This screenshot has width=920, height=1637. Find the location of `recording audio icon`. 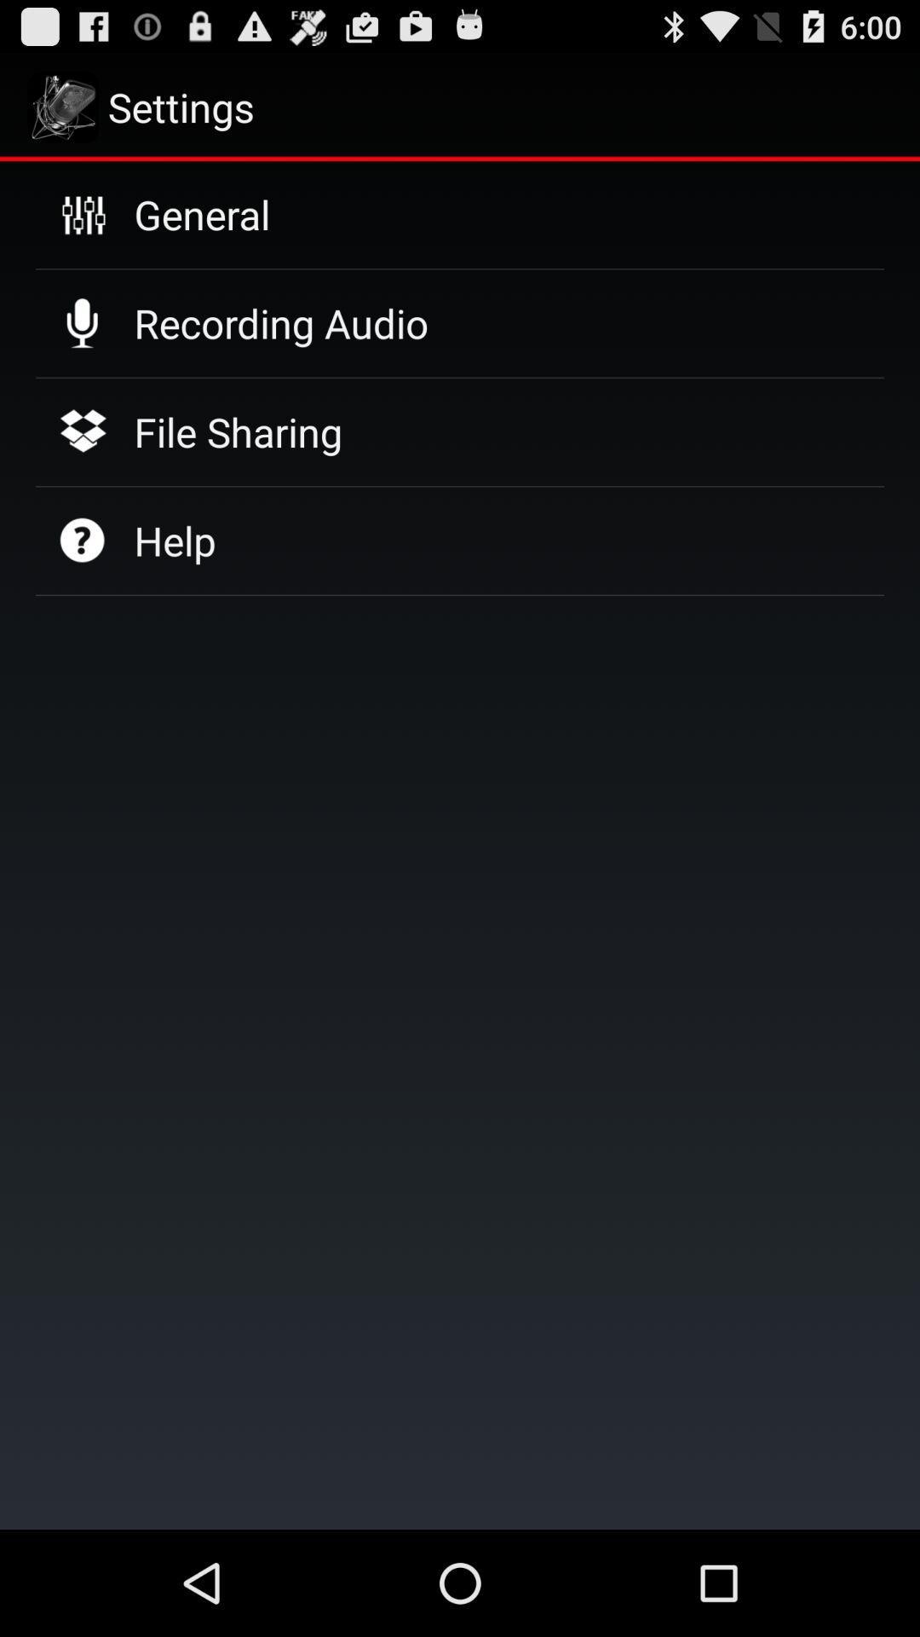

recording audio icon is located at coordinates (280, 323).